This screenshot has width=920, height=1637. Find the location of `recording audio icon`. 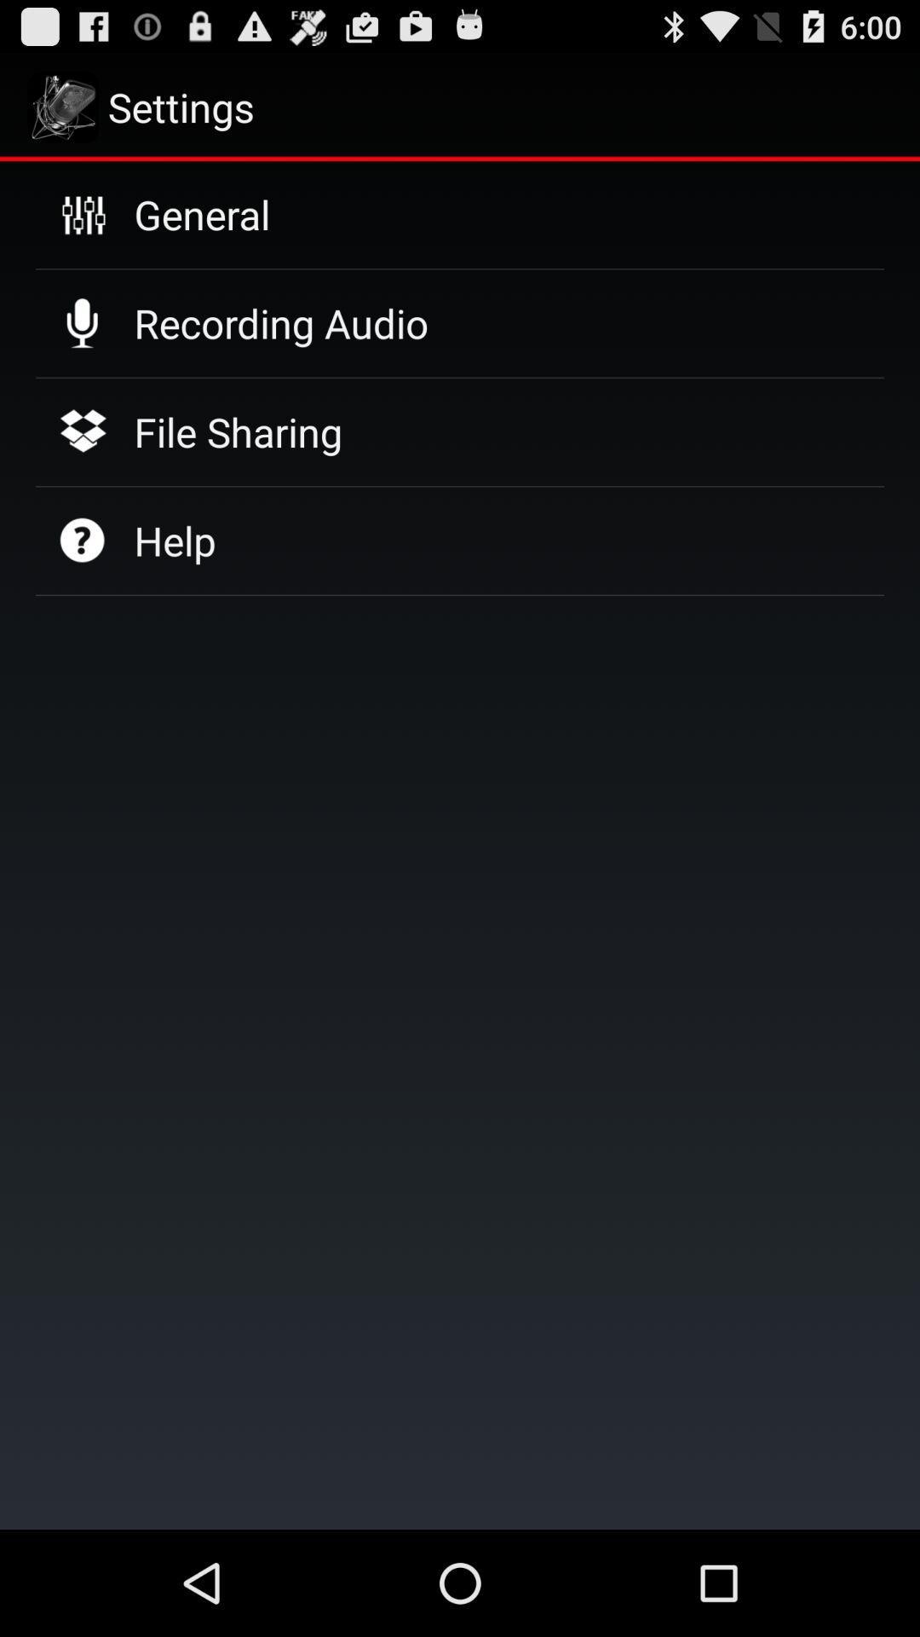

recording audio icon is located at coordinates (280, 323).